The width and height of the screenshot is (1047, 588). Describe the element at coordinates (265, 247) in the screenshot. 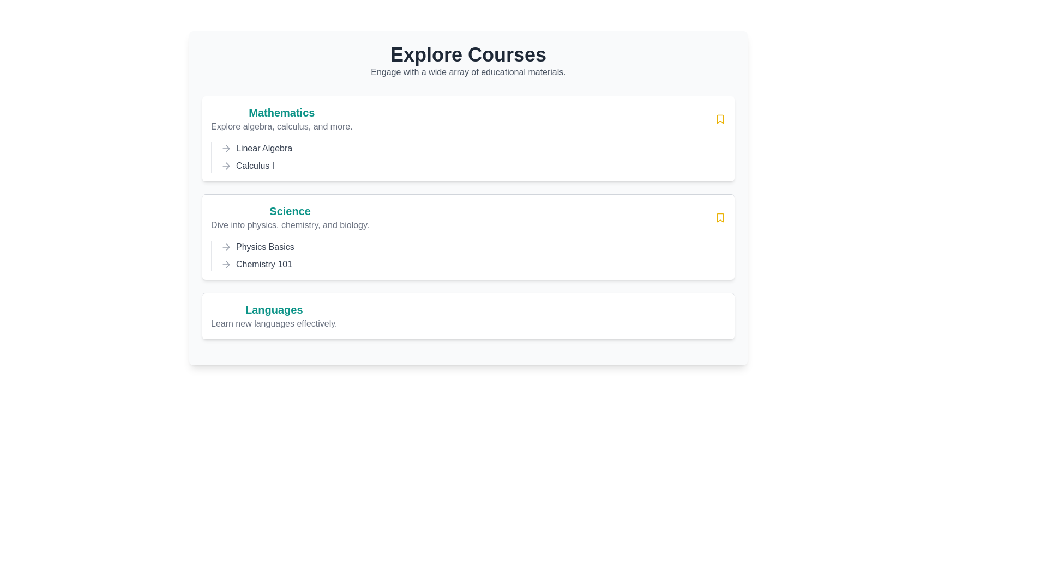

I see `the hyperlink text for 'Physics Basics', which is the first link under the 'Science' category in the main content area` at that location.